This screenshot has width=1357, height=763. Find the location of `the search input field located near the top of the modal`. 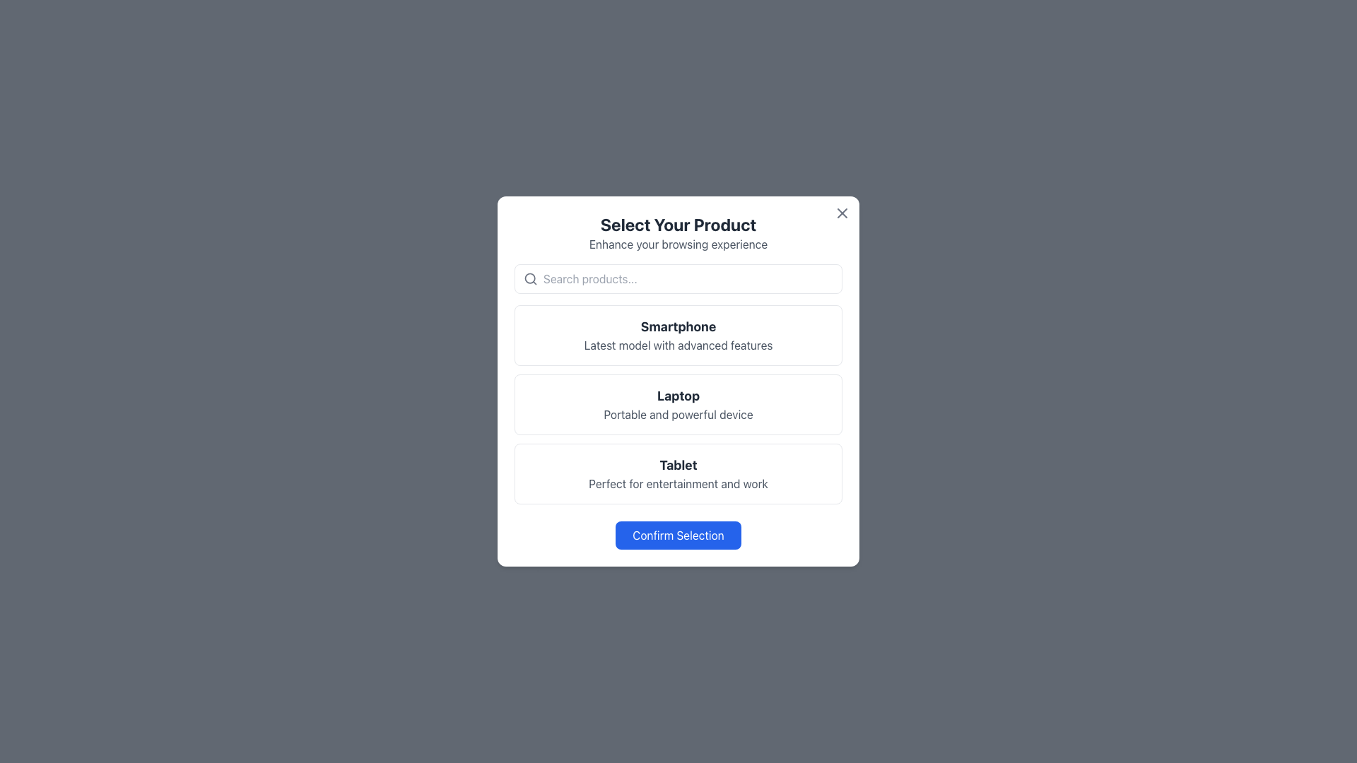

the search input field located near the top of the modal is located at coordinates (688, 278).